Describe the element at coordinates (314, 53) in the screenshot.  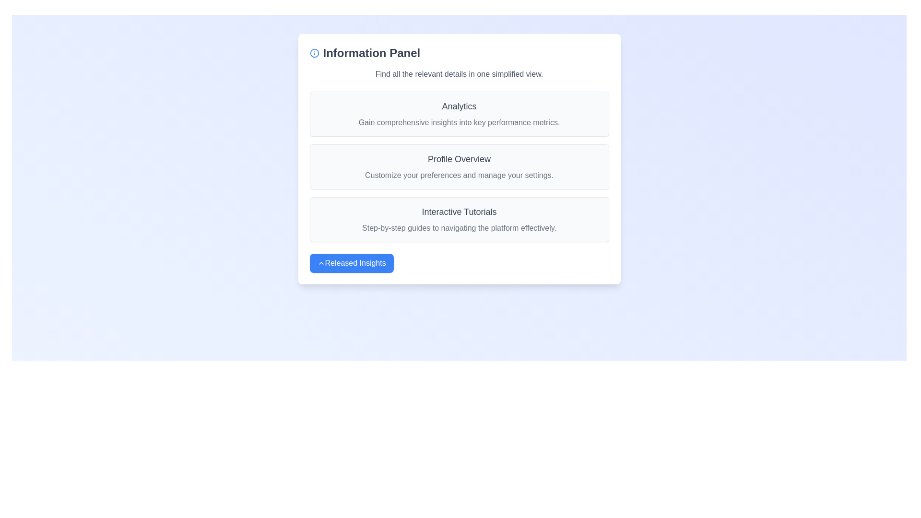
I see `the blue circular icon containing the information symbol 'i' located to the left of the 'Information Panel' text in the header area` at that location.